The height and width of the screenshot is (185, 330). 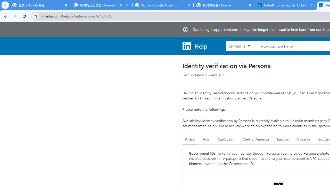 What do you see at coordinates (194, 45) in the screenshot?
I see `'Help'` at bounding box center [194, 45].